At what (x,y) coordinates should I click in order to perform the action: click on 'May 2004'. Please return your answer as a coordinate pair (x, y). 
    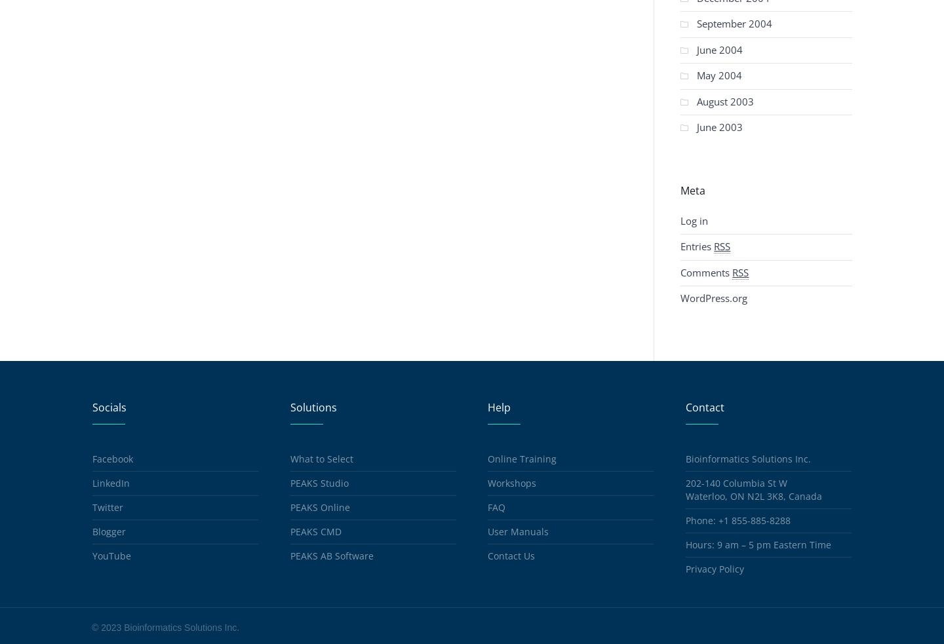
    Looking at the image, I should click on (718, 75).